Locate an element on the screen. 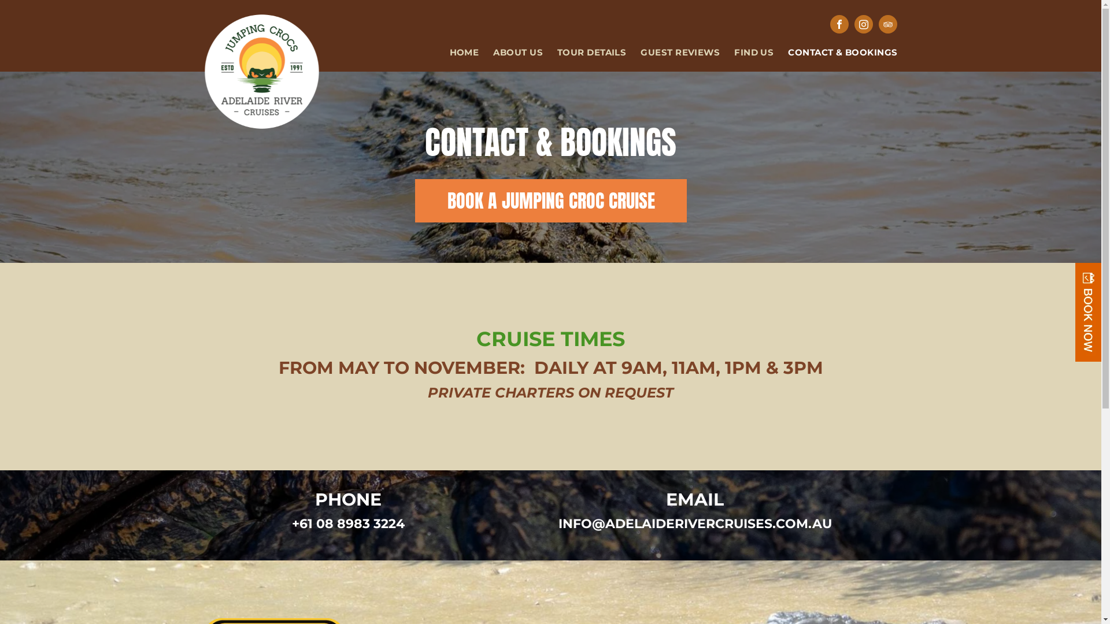 The height and width of the screenshot is (624, 1110). 'INFO@ADELAIDERIVERCRUISES.COM.AU' is located at coordinates (694, 523).